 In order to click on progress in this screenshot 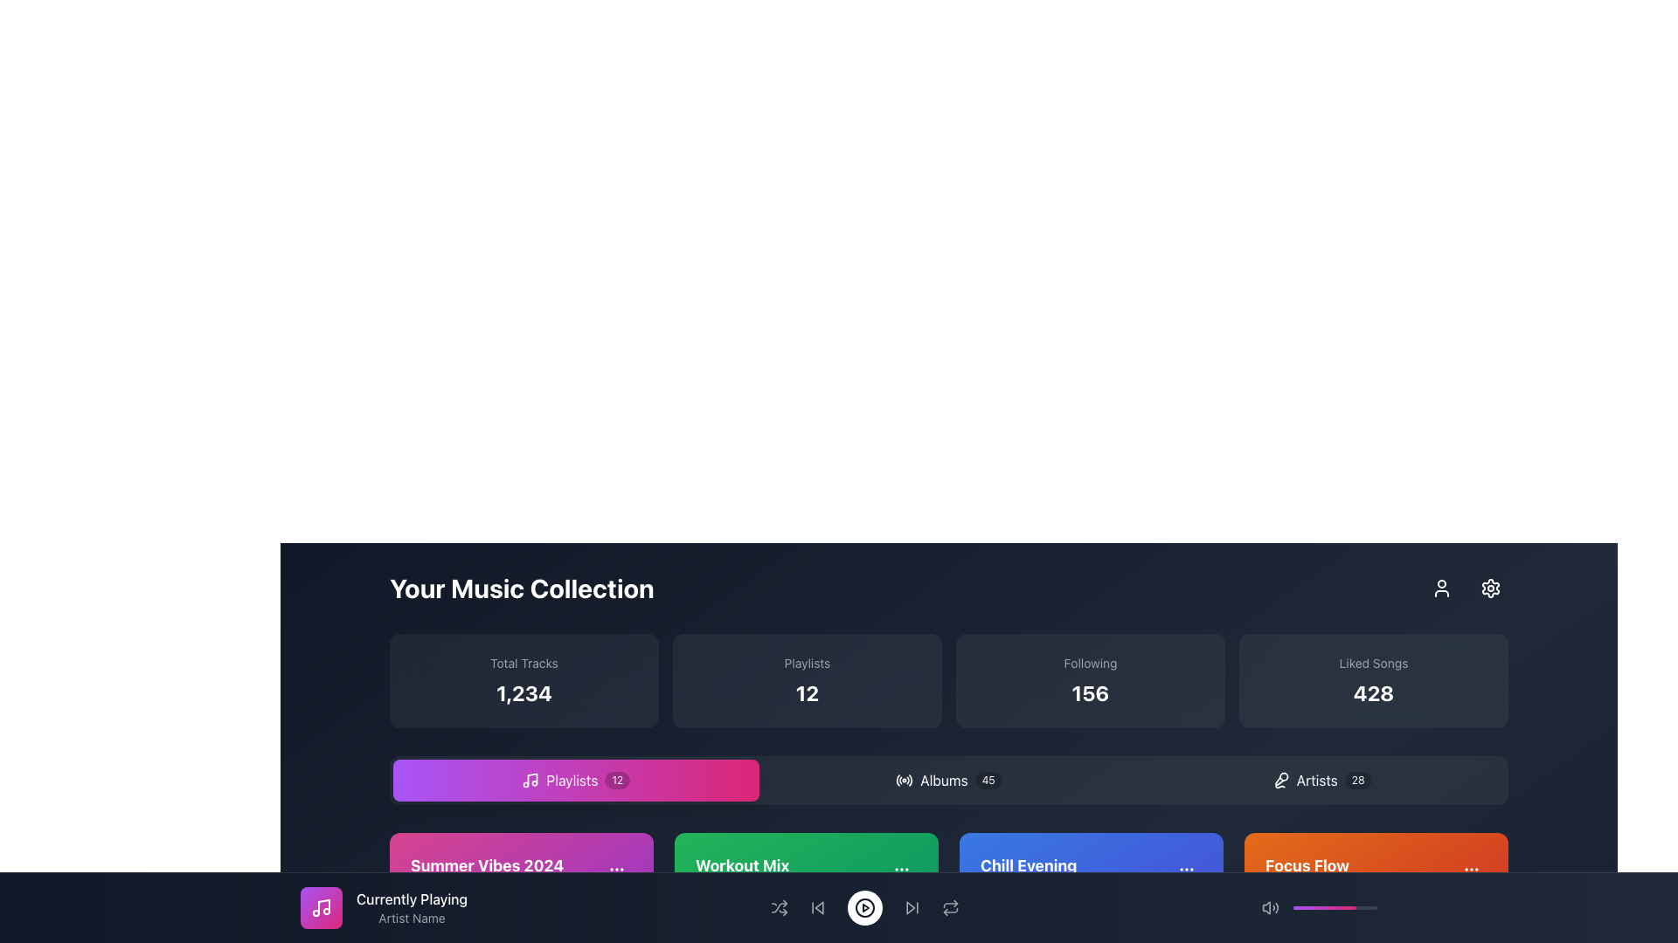, I will do `click(1302, 907)`.